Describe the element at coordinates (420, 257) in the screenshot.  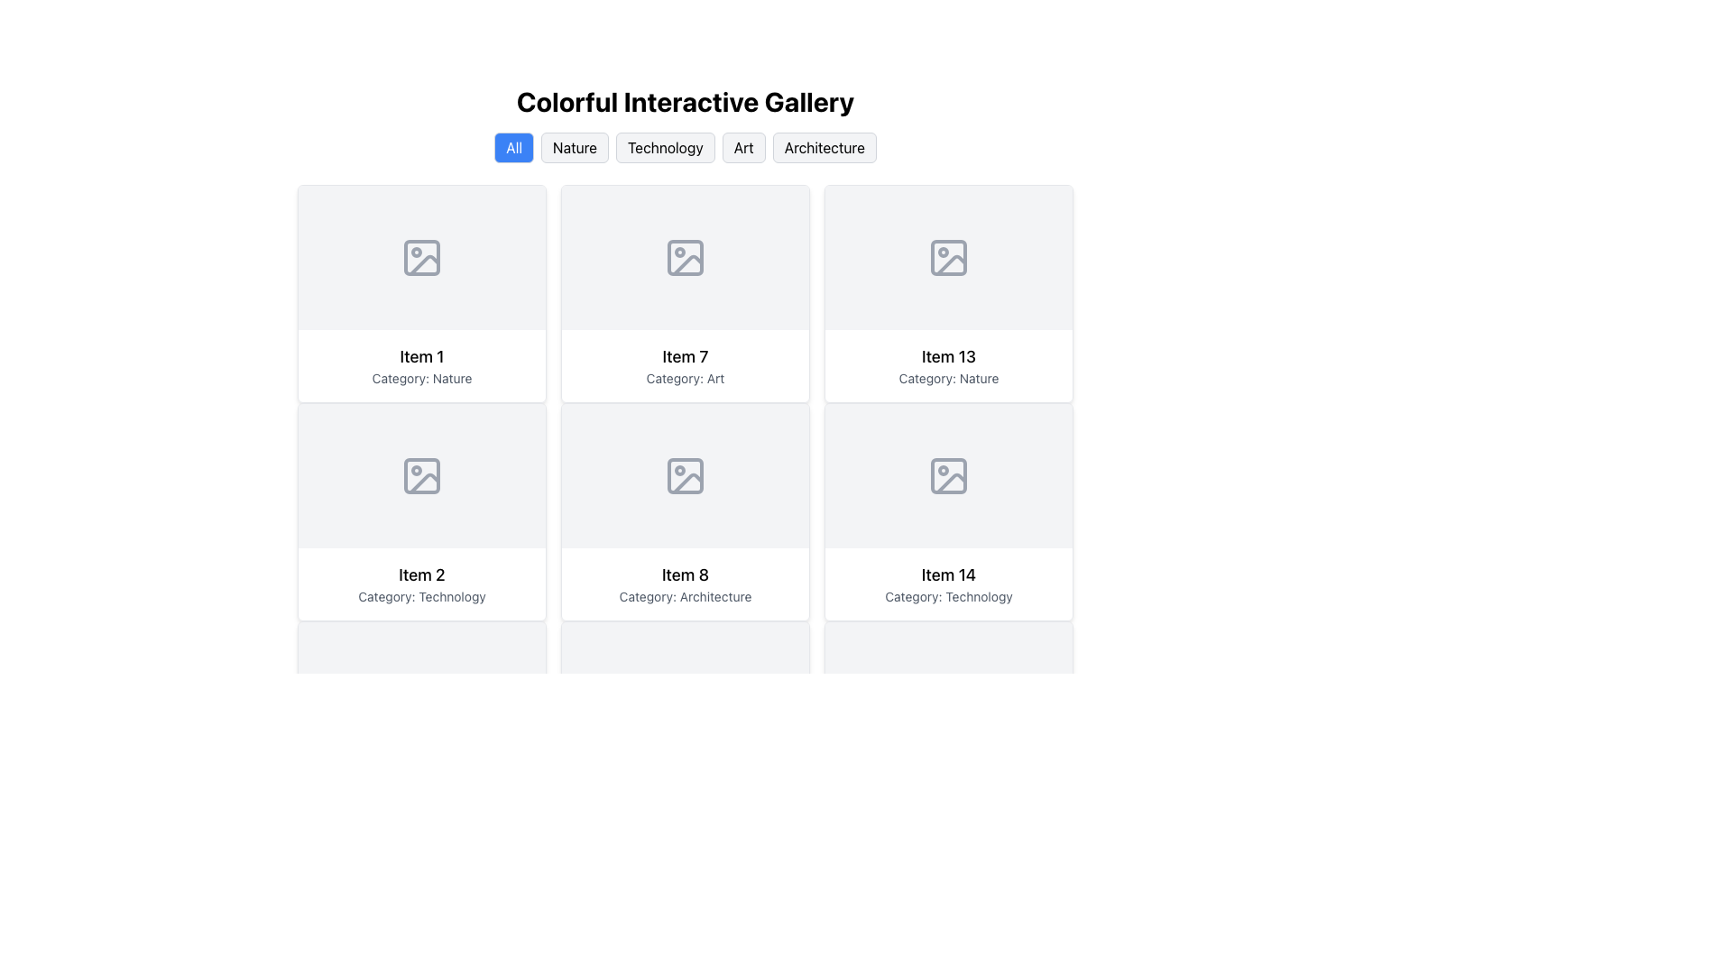
I see `the top-left placeholder element in the grid layout that is designated for displaying an image or graphical content` at that location.